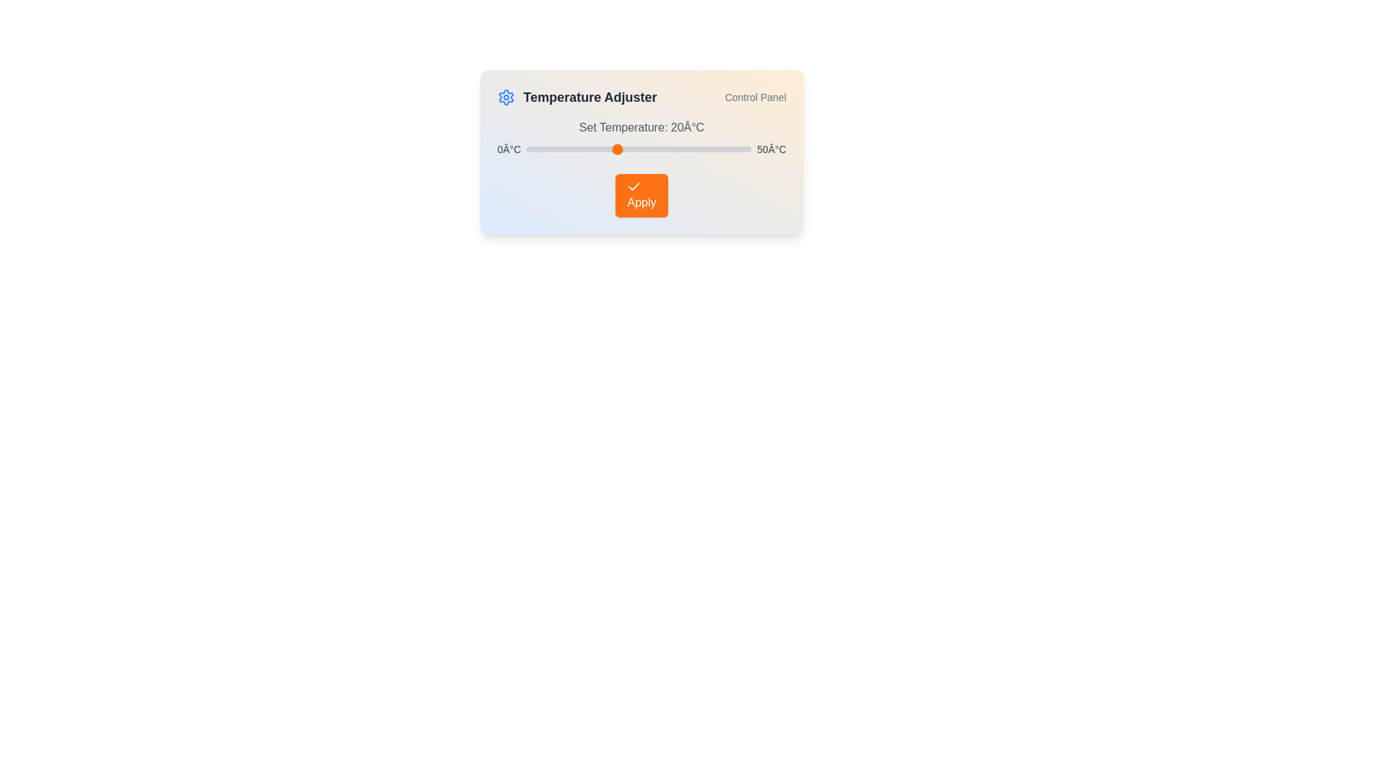 The height and width of the screenshot is (780, 1387). I want to click on the temperature slider to set the temperature to 35°C, so click(683, 149).